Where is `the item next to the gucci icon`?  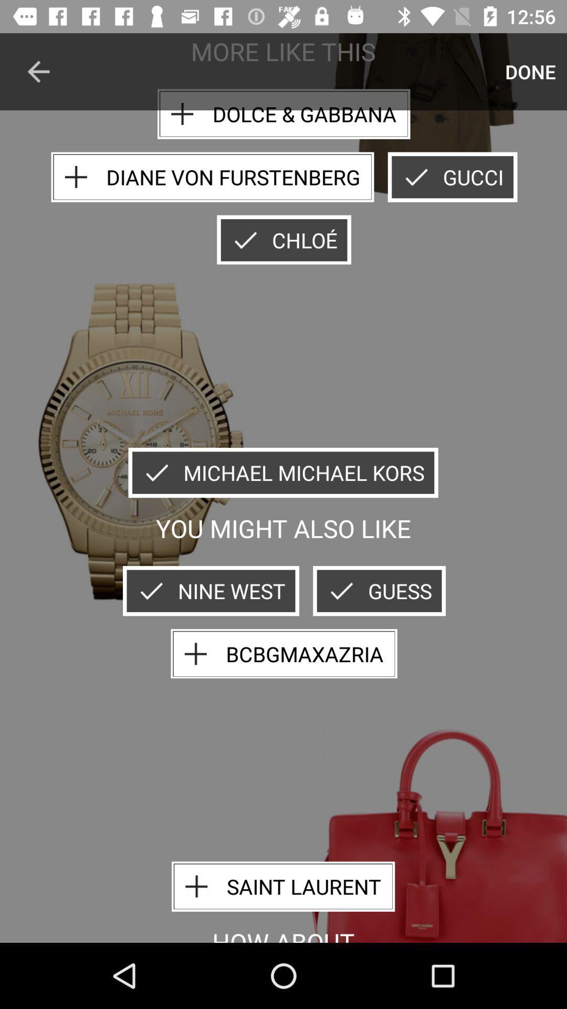
the item next to the gucci icon is located at coordinates (213, 177).